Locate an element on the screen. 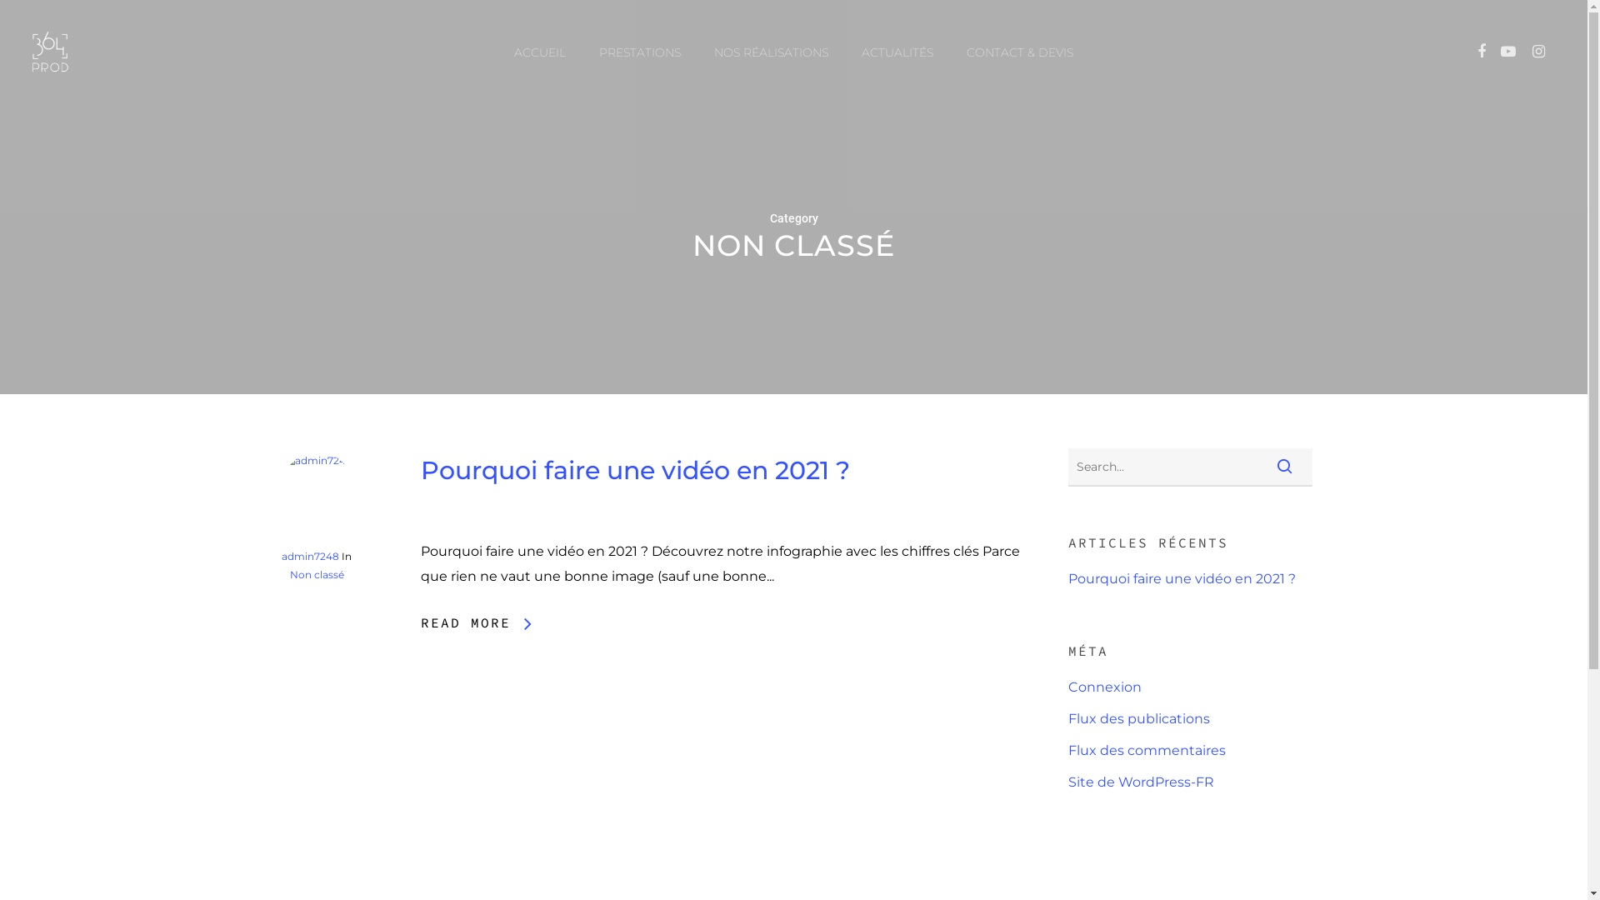 The height and width of the screenshot is (900, 1600). 'CONTACT & DEVIS' is located at coordinates (1019, 51).